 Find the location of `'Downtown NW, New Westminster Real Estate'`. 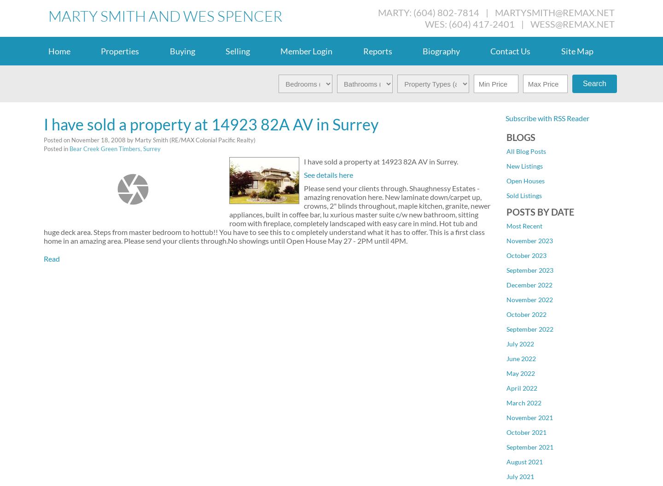

'Downtown NW, New Westminster Real Estate' is located at coordinates (555, 169).